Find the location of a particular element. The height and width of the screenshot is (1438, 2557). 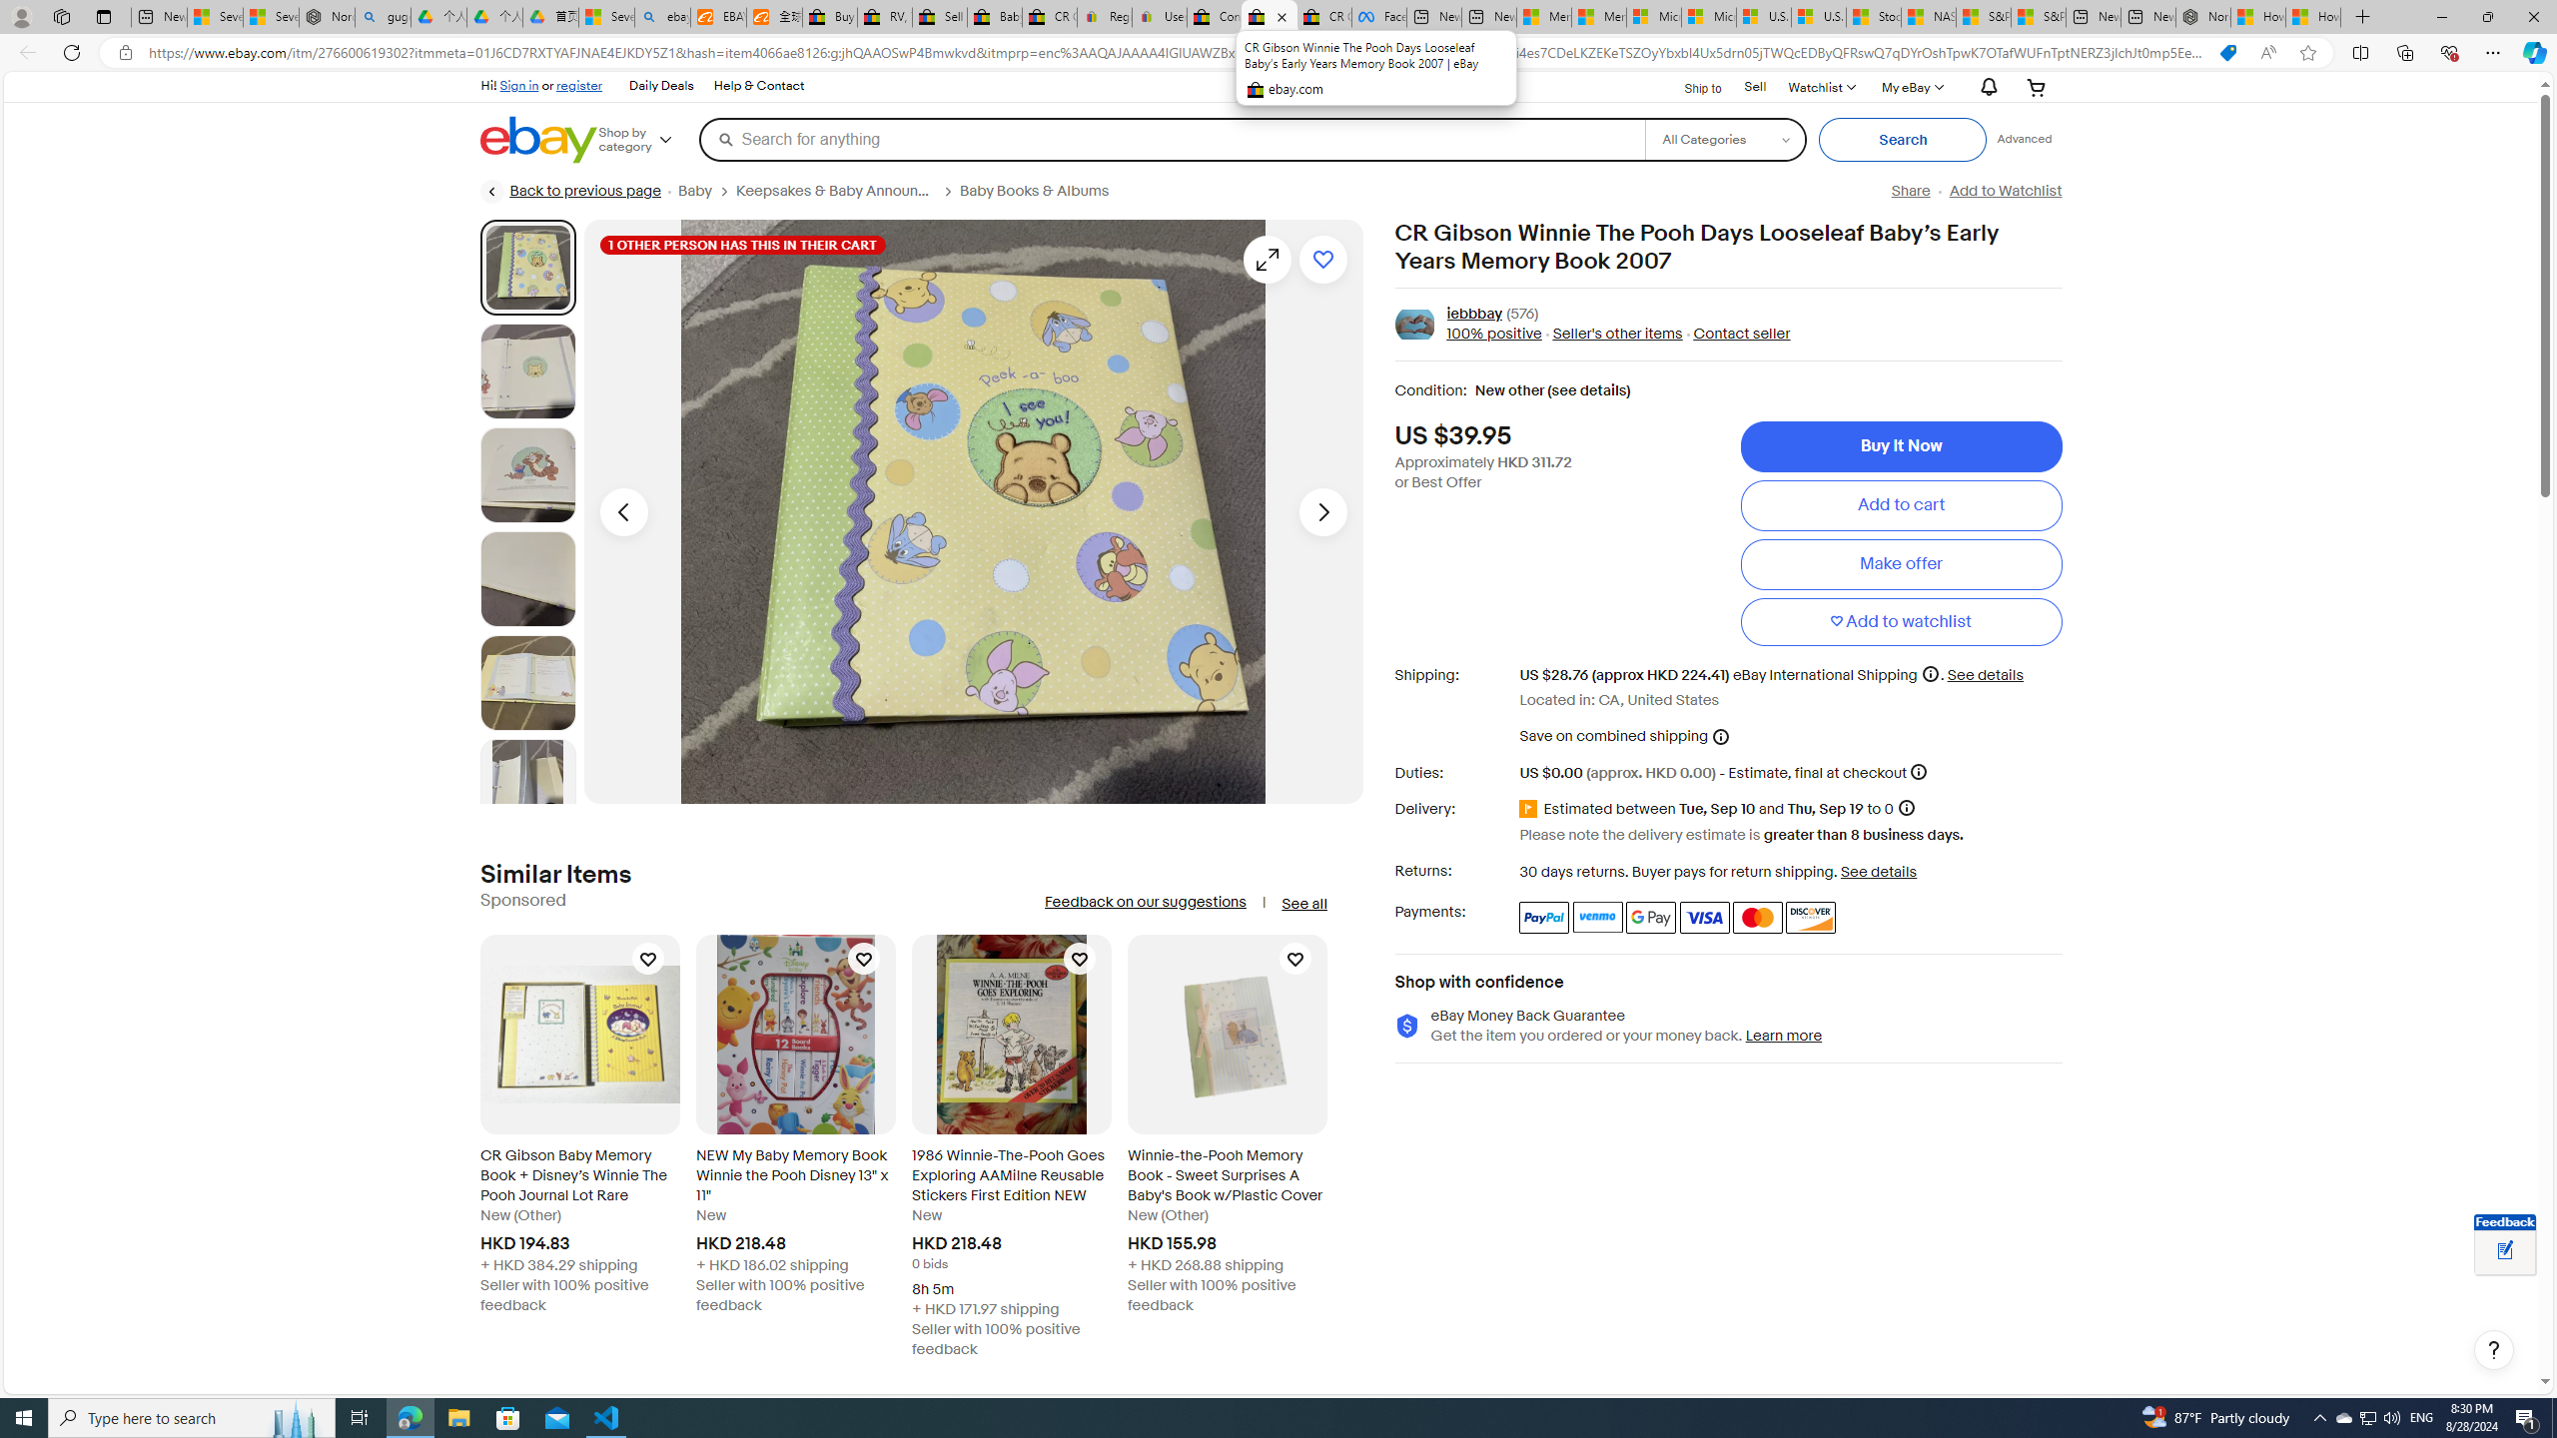

'My eBay' is located at coordinates (1910, 87).